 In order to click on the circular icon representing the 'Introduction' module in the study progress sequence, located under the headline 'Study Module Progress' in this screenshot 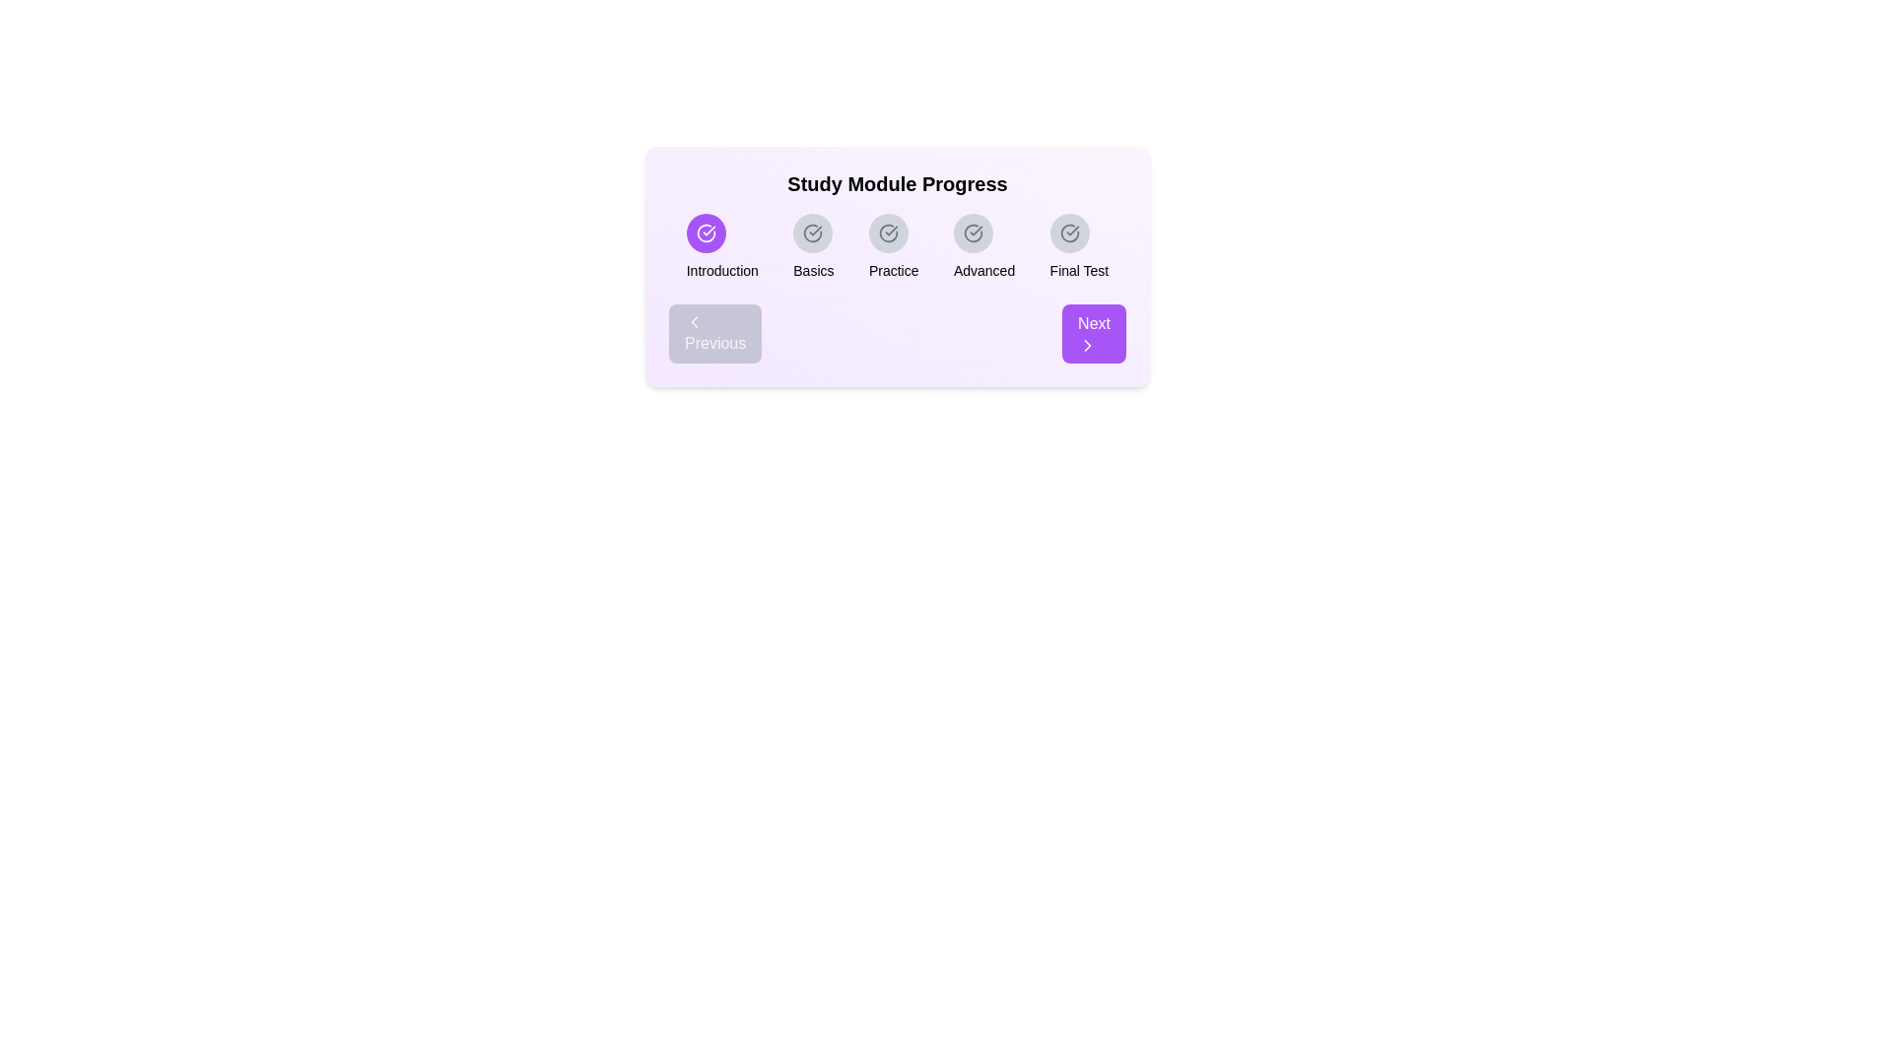, I will do `click(706, 232)`.